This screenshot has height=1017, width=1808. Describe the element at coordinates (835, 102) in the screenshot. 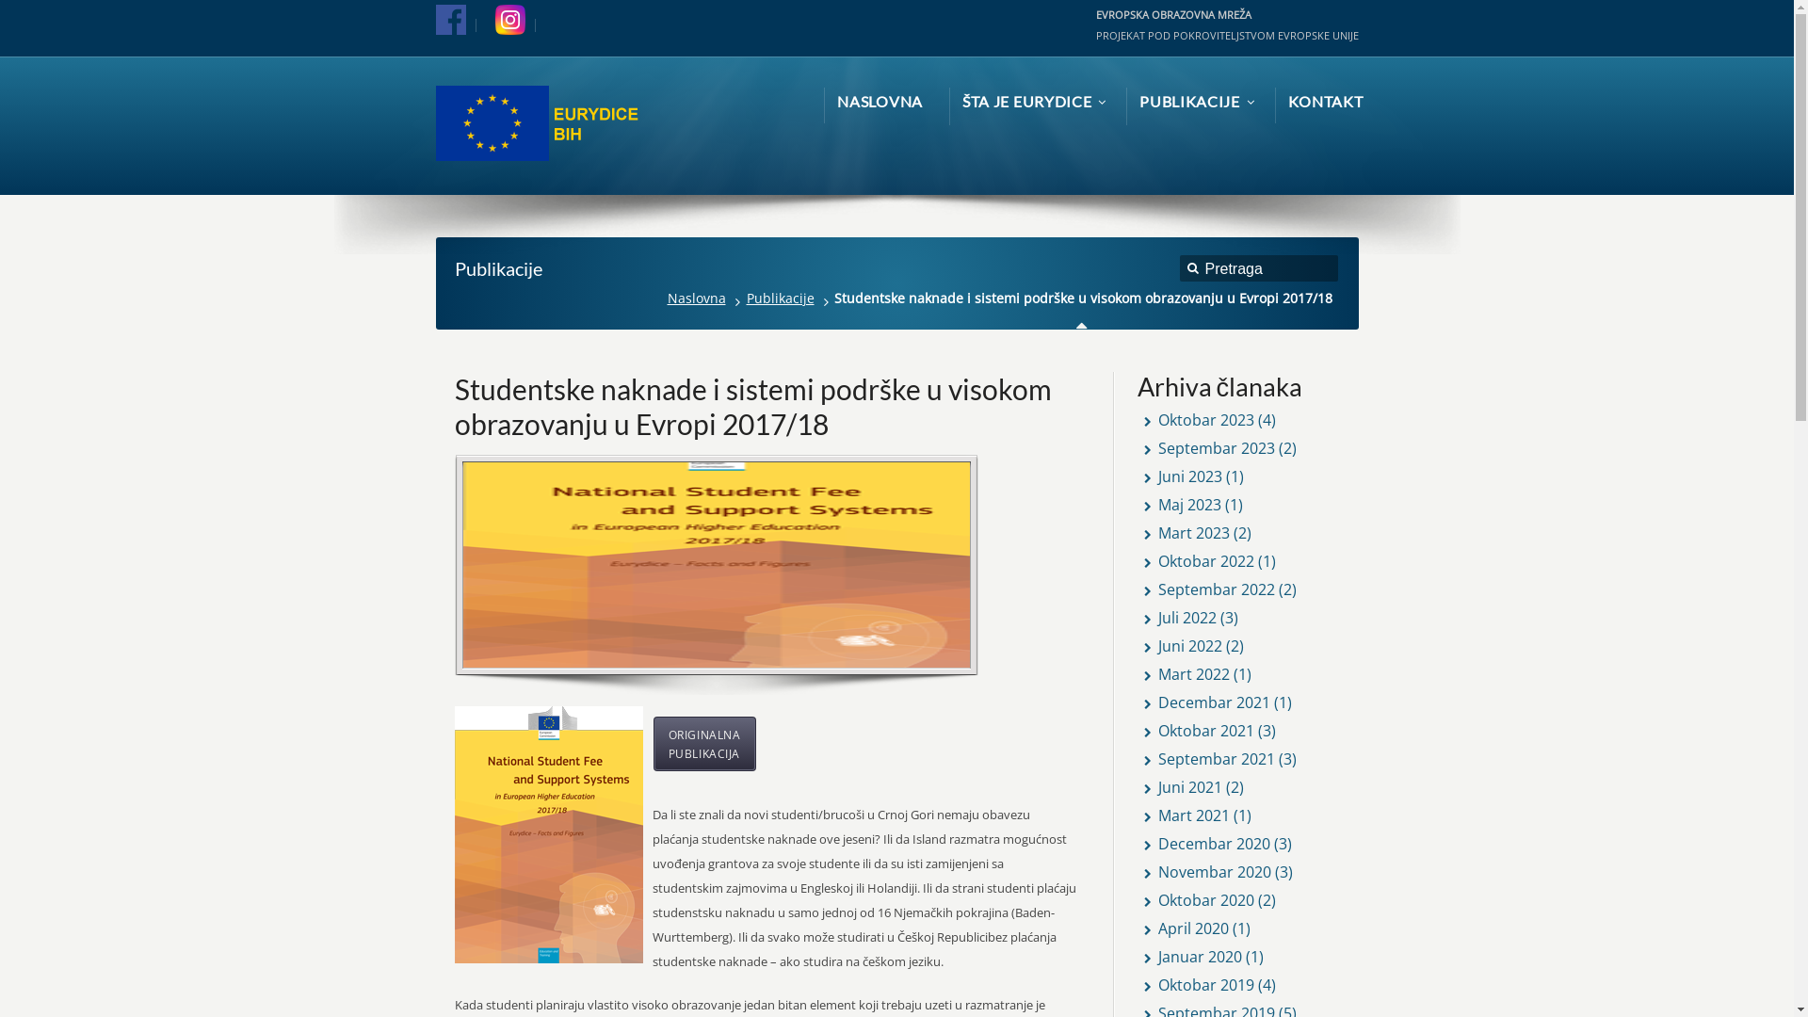

I see `'NASLOVNA'` at that location.